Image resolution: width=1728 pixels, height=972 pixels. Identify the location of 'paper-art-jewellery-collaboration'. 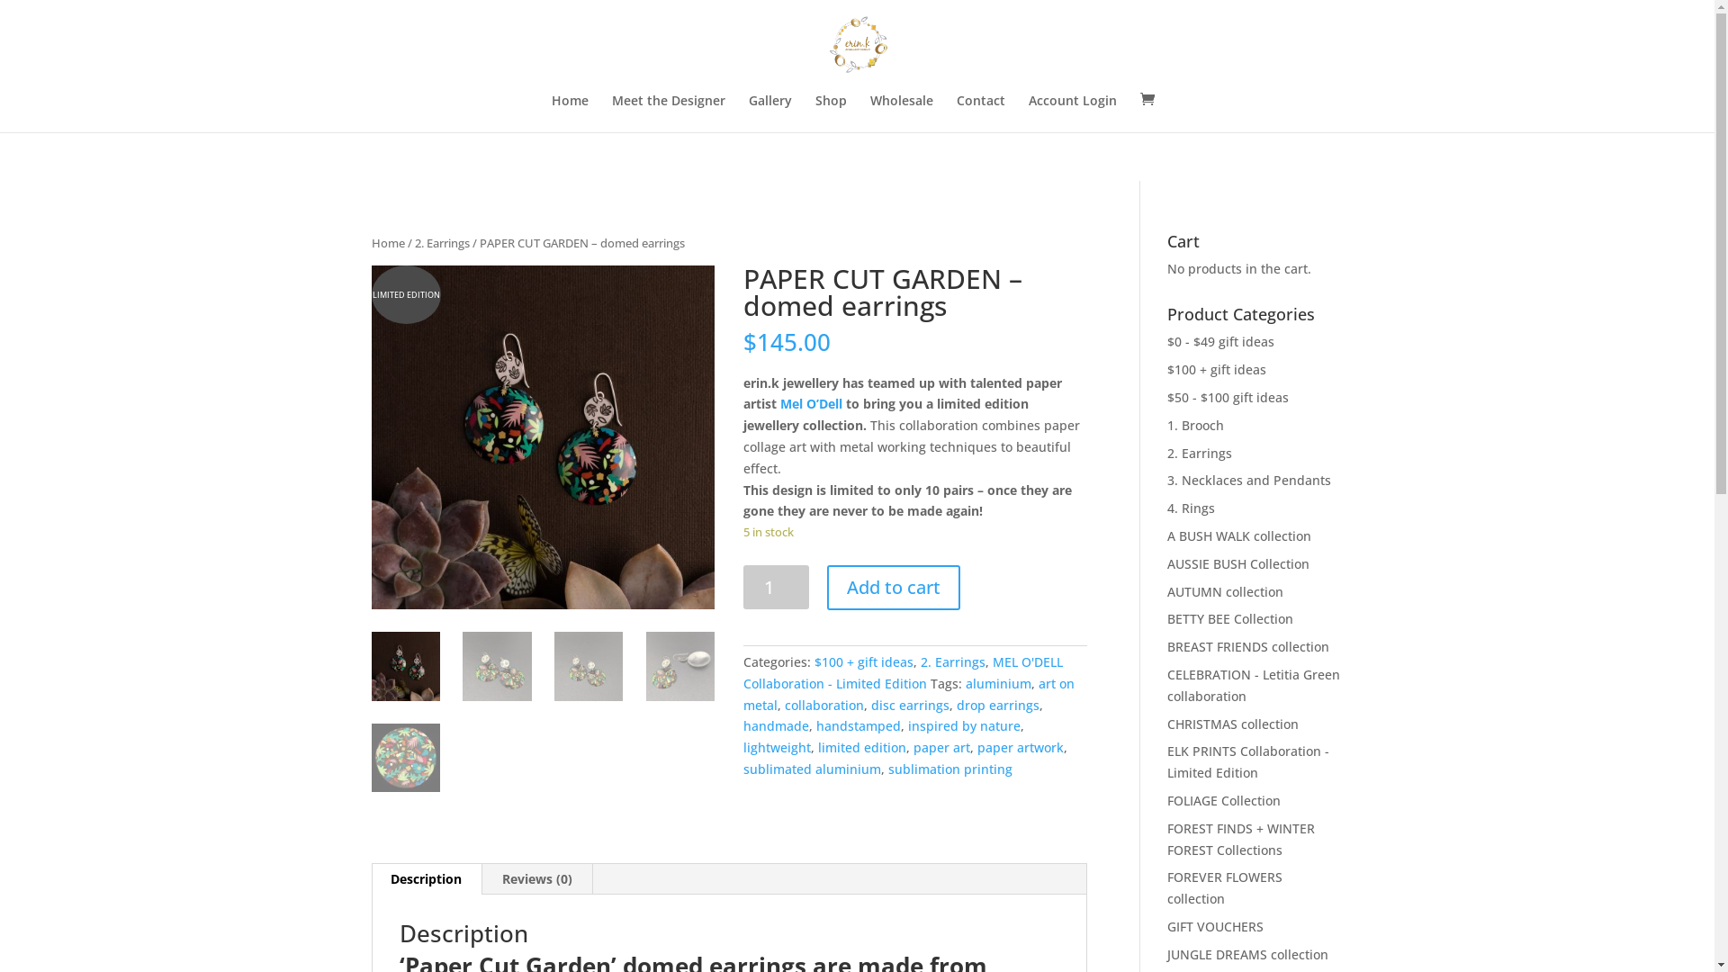
(370, 437).